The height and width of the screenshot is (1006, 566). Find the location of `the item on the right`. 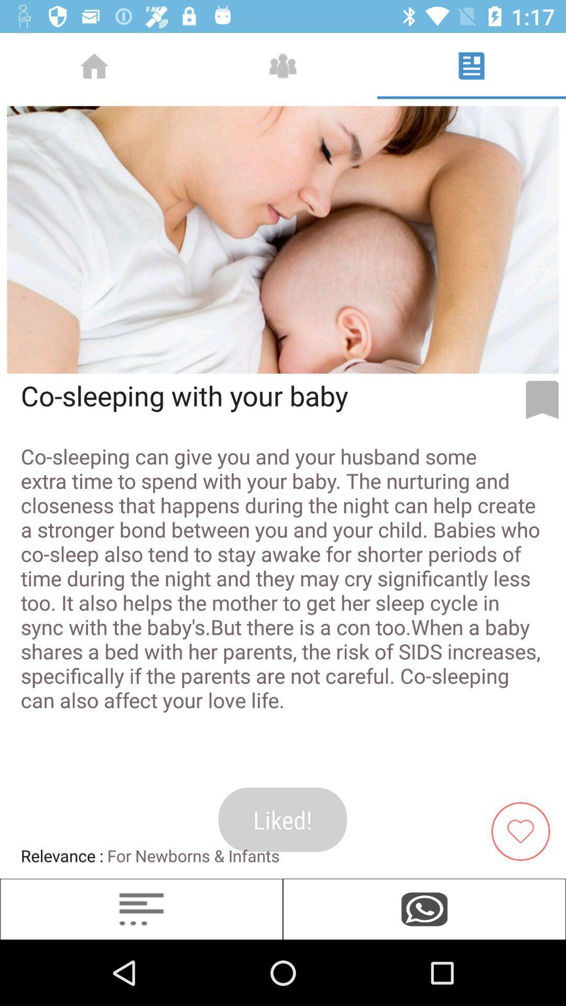

the item on the right is located at coordinates (542, 399).